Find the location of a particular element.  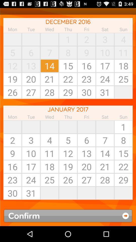

the date 9 of january is located at coordinates (13, 153).